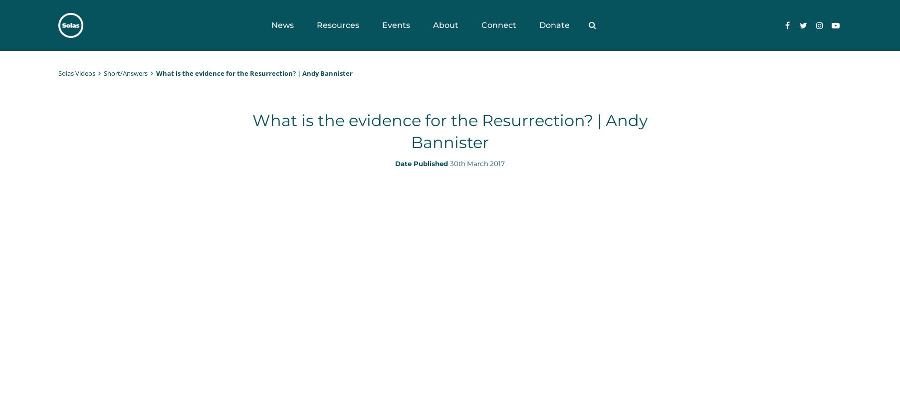 Image resolution: width=900 pixels, height=396 pixels. Describe the element at coordinates (315, 25) in the screenshot. I see `'Resources'` at that location.